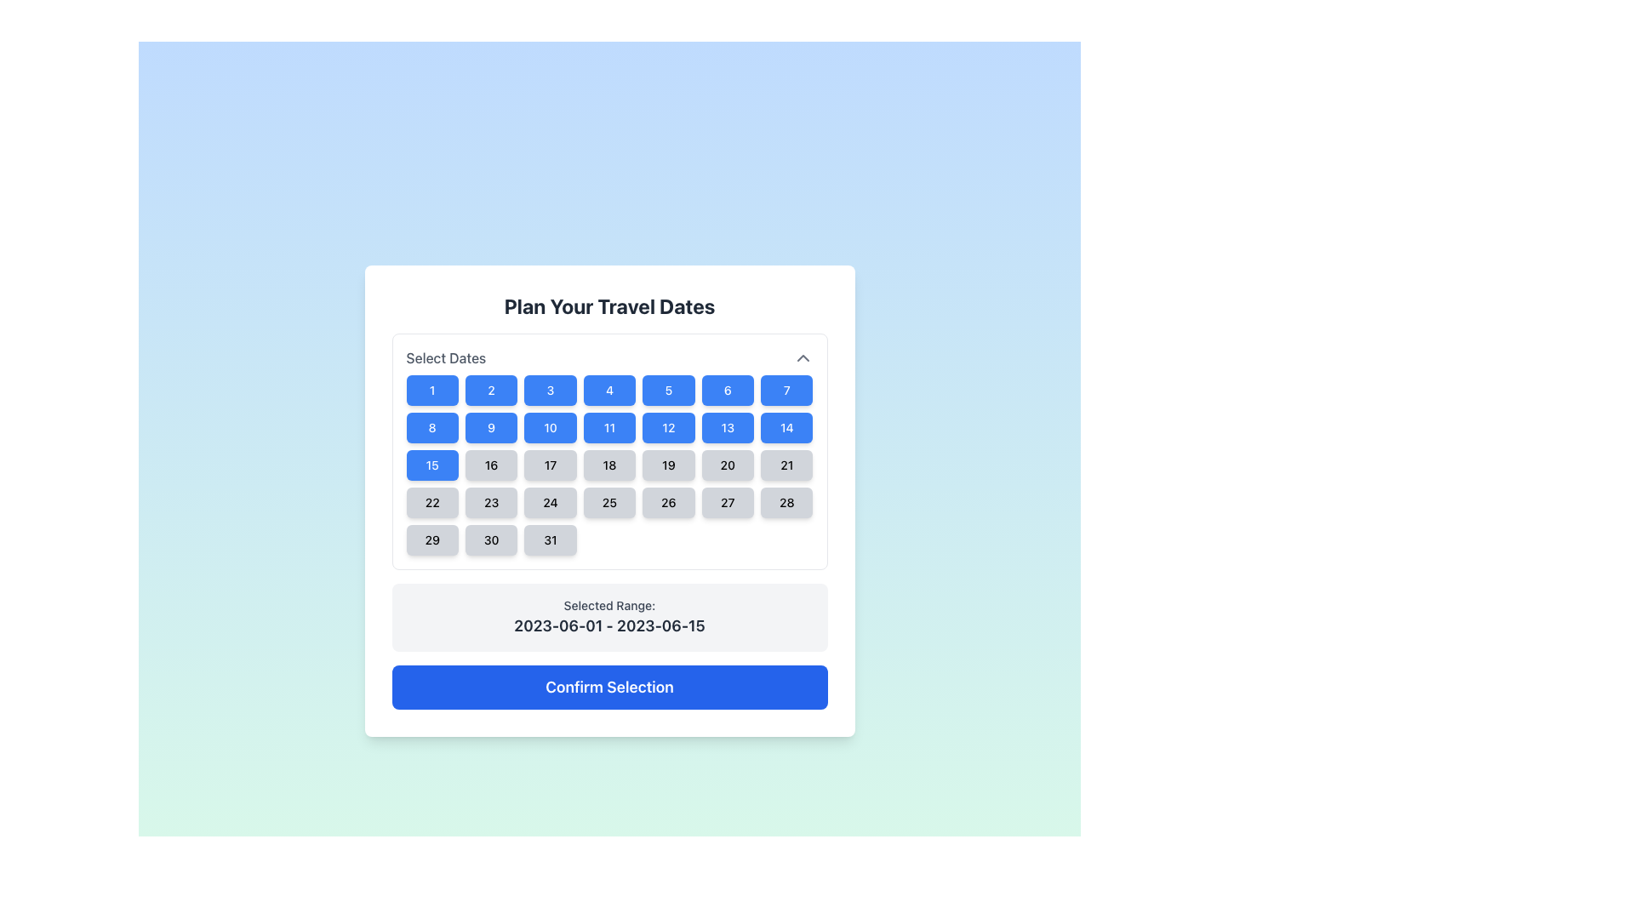 This screenshot has width=1634, height=919. What do you see at coordinates (786, 465) in the screenshot?
I see `the date button located in the sixth row and sixth column of the date picker grid` at bounding box center [786, 465].